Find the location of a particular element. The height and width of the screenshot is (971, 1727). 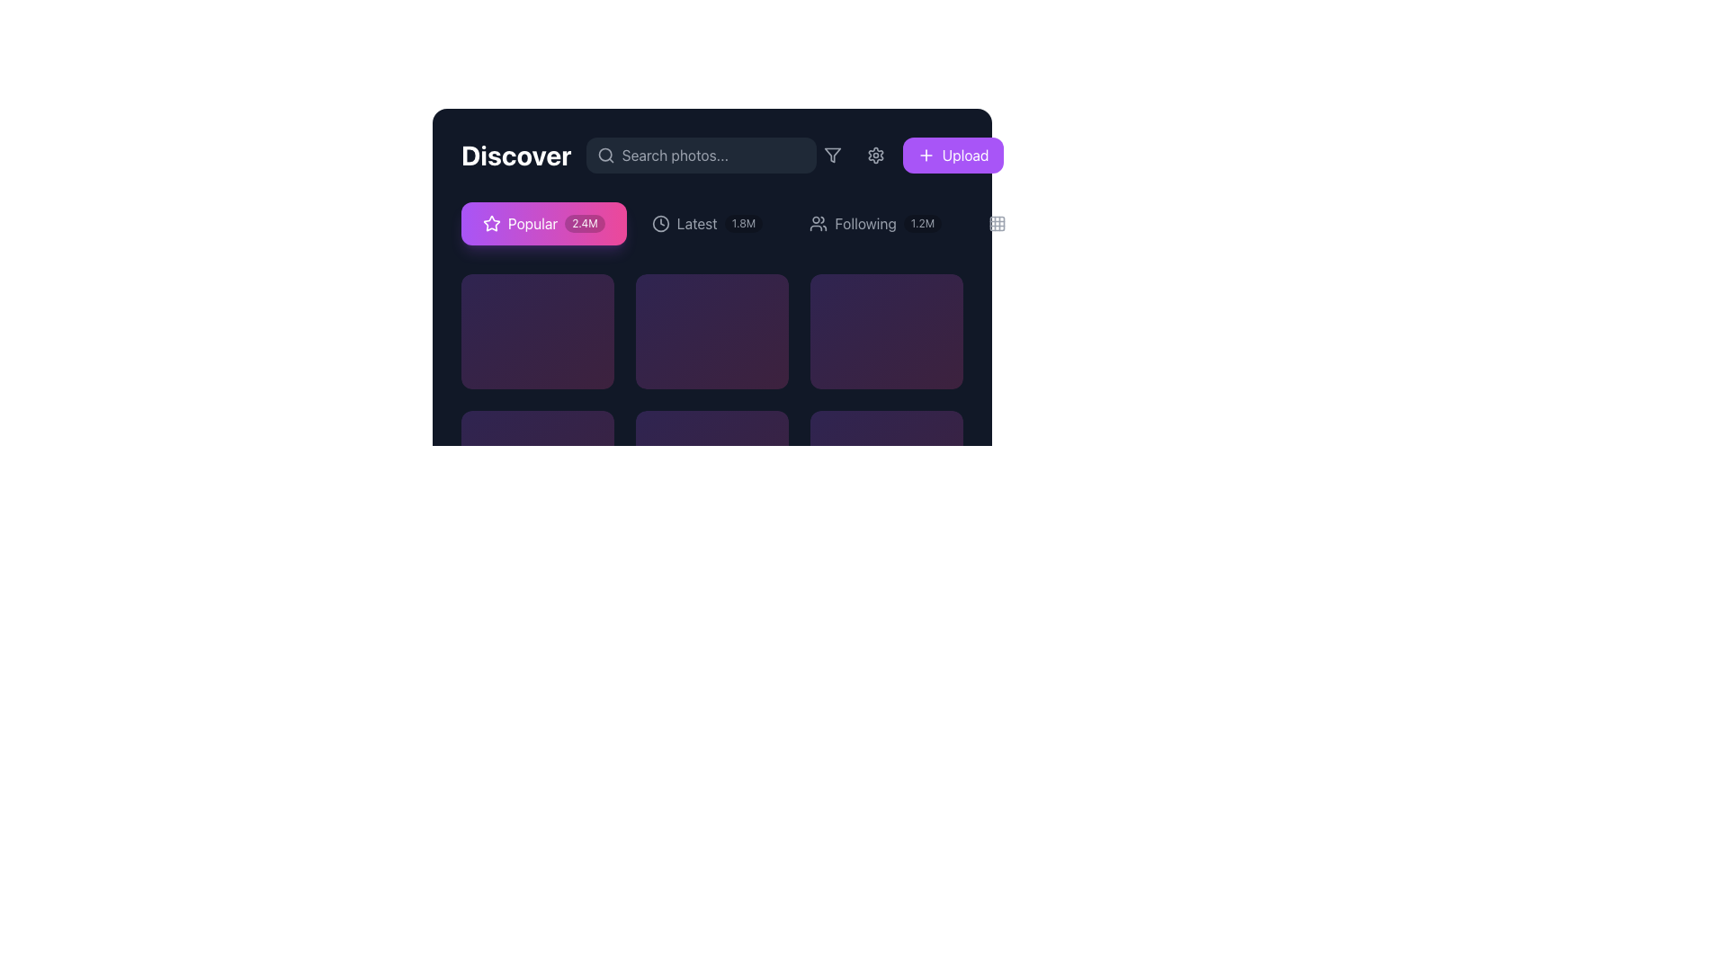

the 'Upload' text label displayed in bold, white font within a purple, pill-shaped button located at the top-right corner of the interface is located at coordinates (964, 155).